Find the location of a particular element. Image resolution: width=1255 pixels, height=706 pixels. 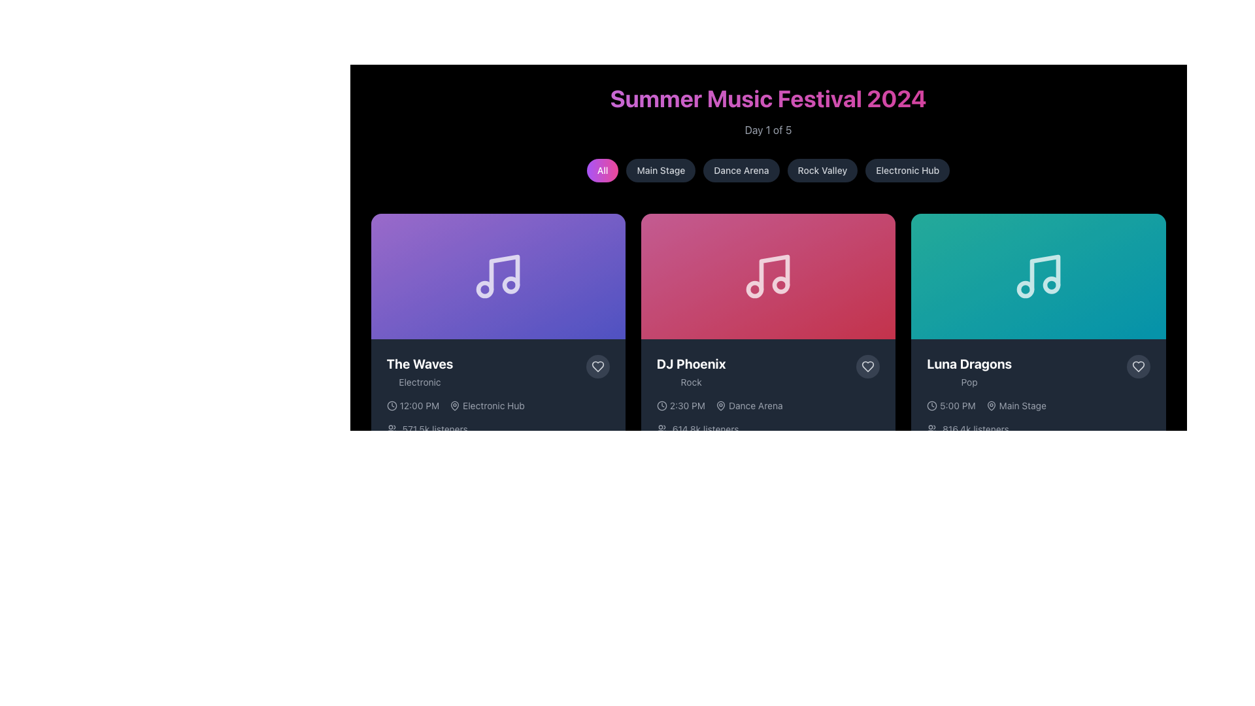

the visual representation of the location marker icon next to the text 'Main Stage' for the 'Luna Dragons' event is located at coordinates (991, 405).